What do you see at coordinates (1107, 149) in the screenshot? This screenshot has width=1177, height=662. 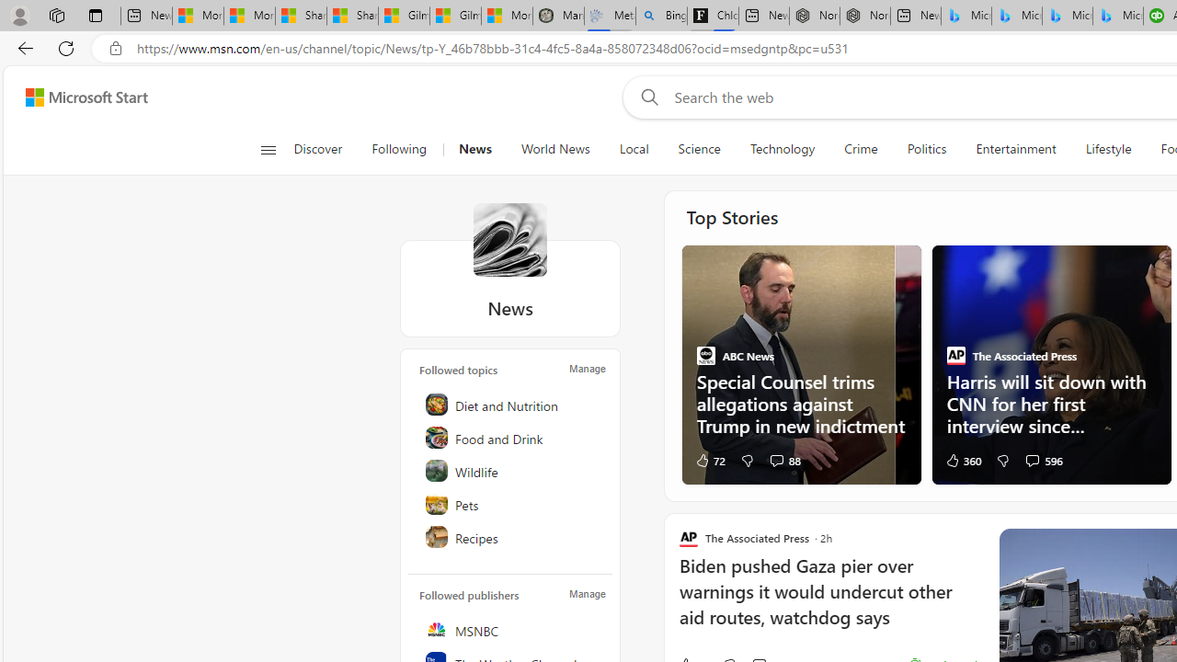 I see `'Lifestyle'` at bounding box center [1107, 149].